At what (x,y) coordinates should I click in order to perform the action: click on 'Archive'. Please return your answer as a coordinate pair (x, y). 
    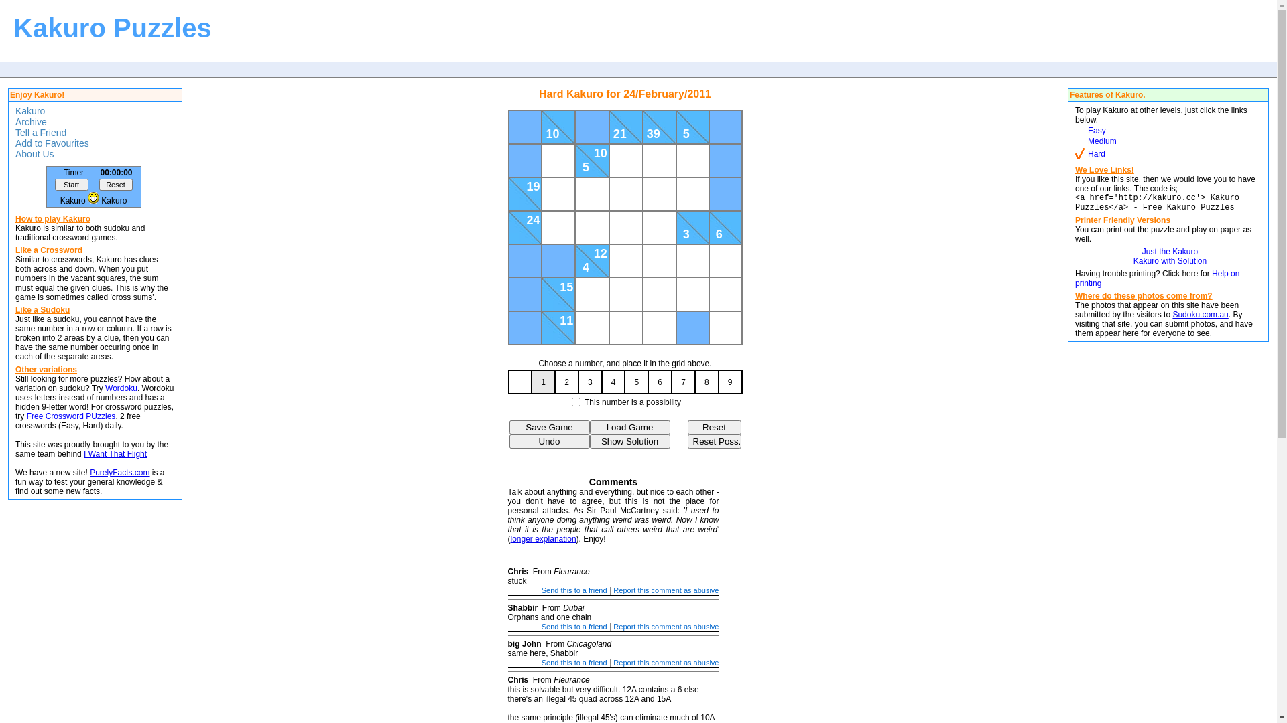
    Looking at the image, I should click on (12, 121).